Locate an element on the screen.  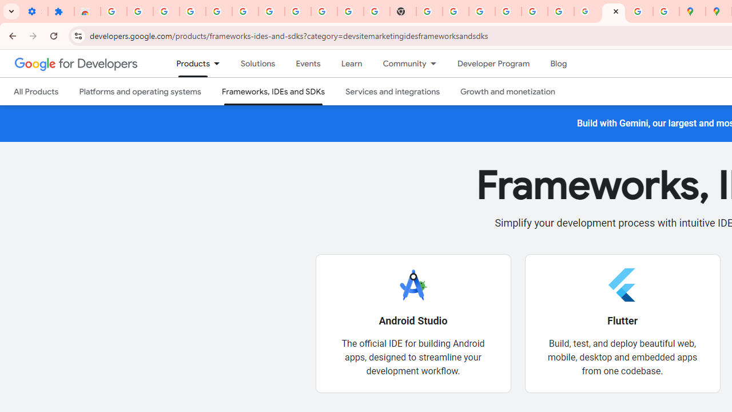
'Dropdown menu for Products' is located at coordinates (220, 64).